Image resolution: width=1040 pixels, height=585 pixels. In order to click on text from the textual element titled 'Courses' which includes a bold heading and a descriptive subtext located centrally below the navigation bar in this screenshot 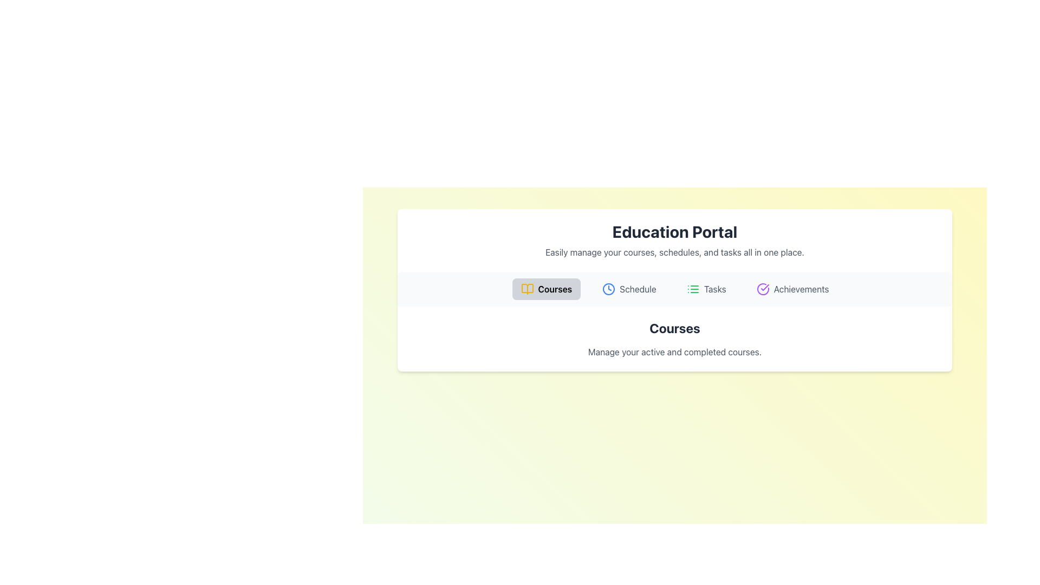, I will do `click(674, 338)`.